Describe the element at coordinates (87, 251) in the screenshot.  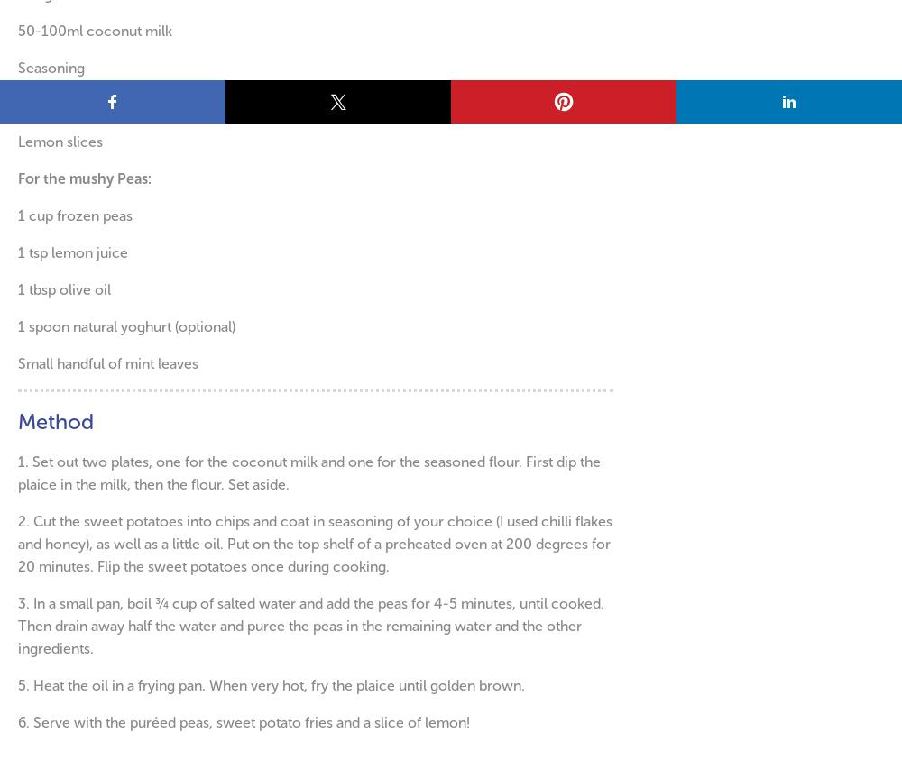
I see `'lemon juice'` at that location.